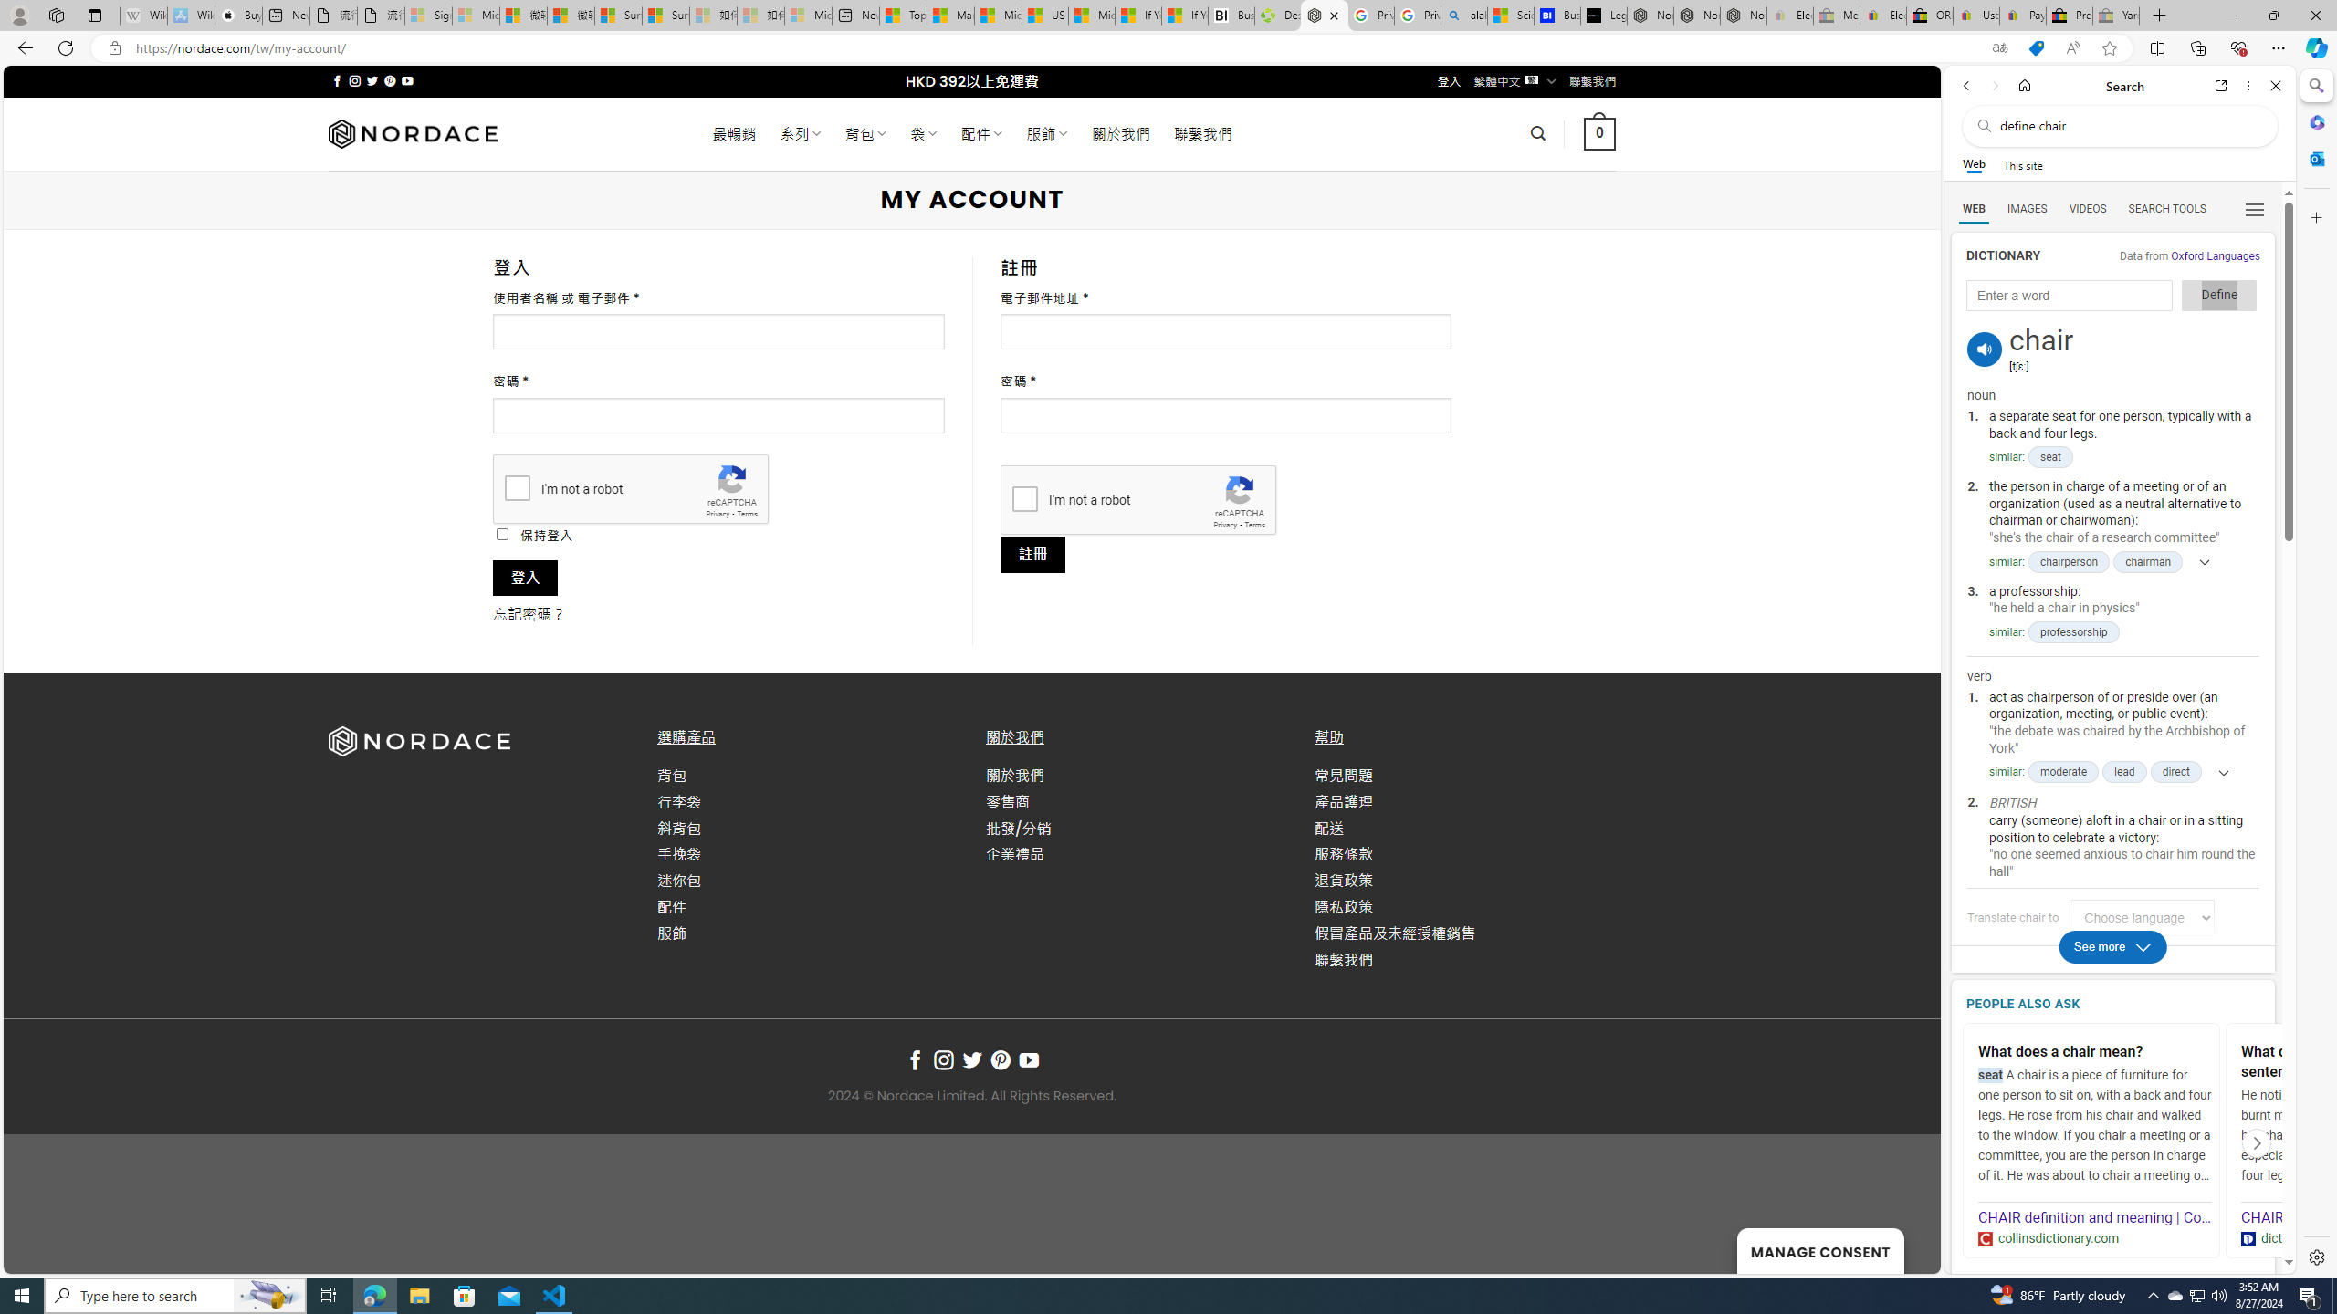 The height and width of the screenshot is (1314, 2337). I want to click on 'Follow on YouTube', so click(1028, 1059).